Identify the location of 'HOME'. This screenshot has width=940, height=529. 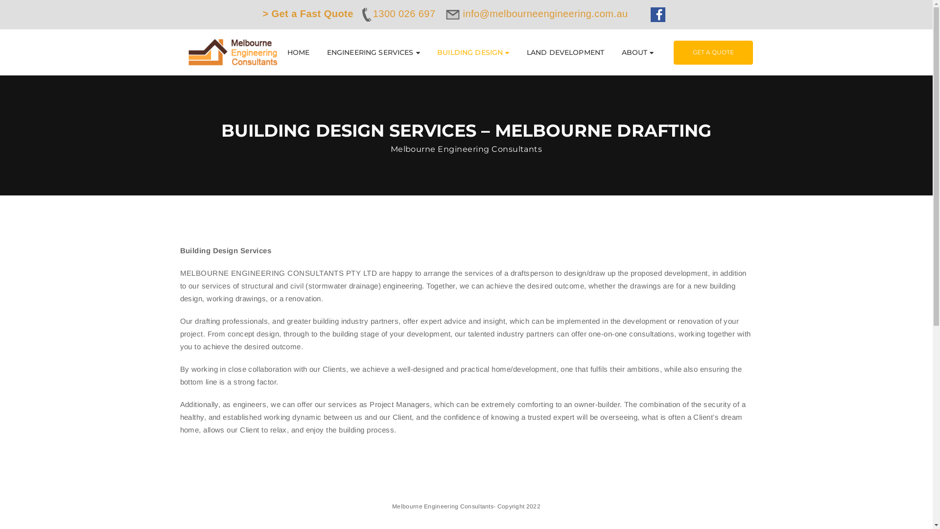
(286, 52).